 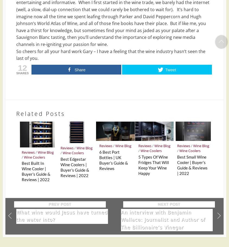 I want to click on 'An interview with Benjamin Wallace: Journalist and Author of The Billionaire’s Vinegar', so click(x=163, y=220).